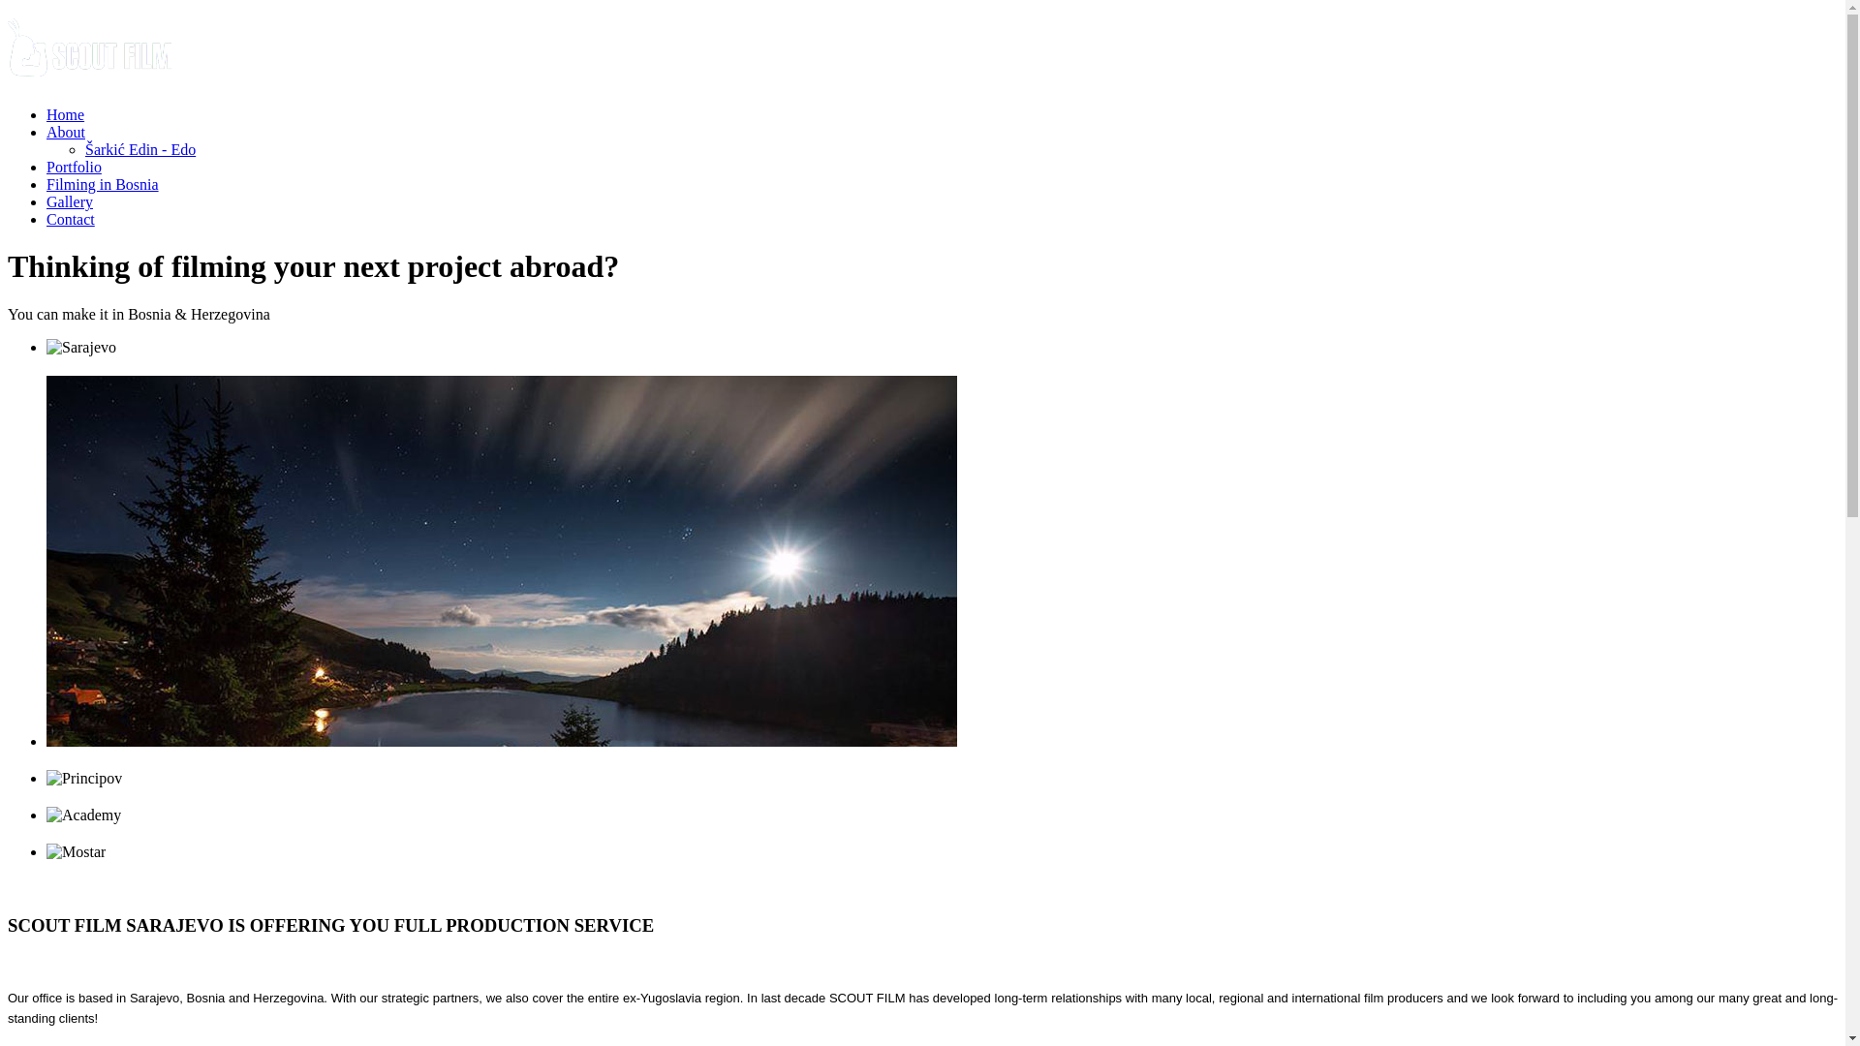 The width and height of the screenshot is (1860, 1046). What do you see at coordinates (65, 131) in the screenshot?
I see `'About'` at bounding box center [65, 131].